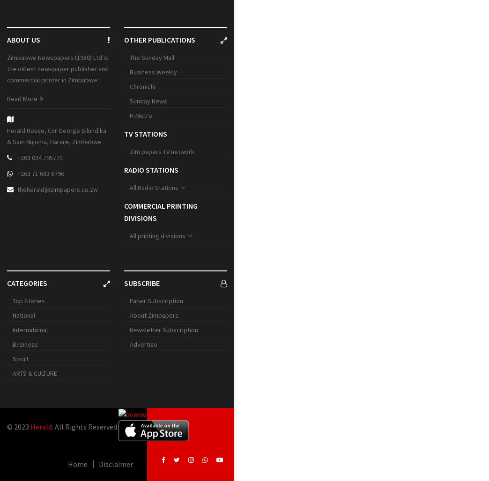 Image resolution: width=489 pixels, height=481 pixels. Describe the element at coordinates (154, 315) in the screenshot. I see `'About Zimpapers'` at that location.